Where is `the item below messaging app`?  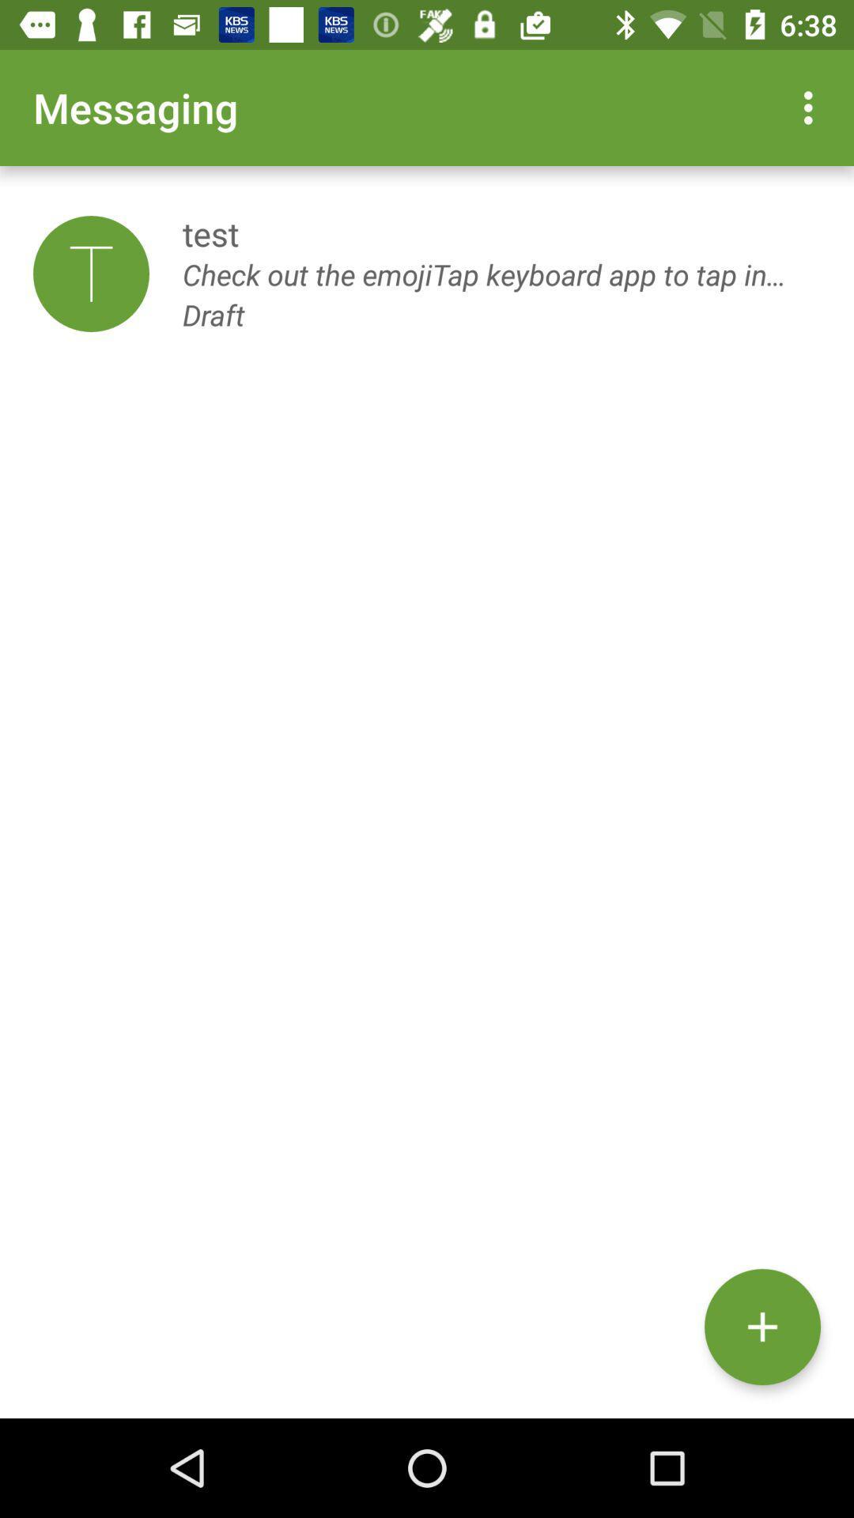
the item below messaging app is located at coordinates (91, 274).